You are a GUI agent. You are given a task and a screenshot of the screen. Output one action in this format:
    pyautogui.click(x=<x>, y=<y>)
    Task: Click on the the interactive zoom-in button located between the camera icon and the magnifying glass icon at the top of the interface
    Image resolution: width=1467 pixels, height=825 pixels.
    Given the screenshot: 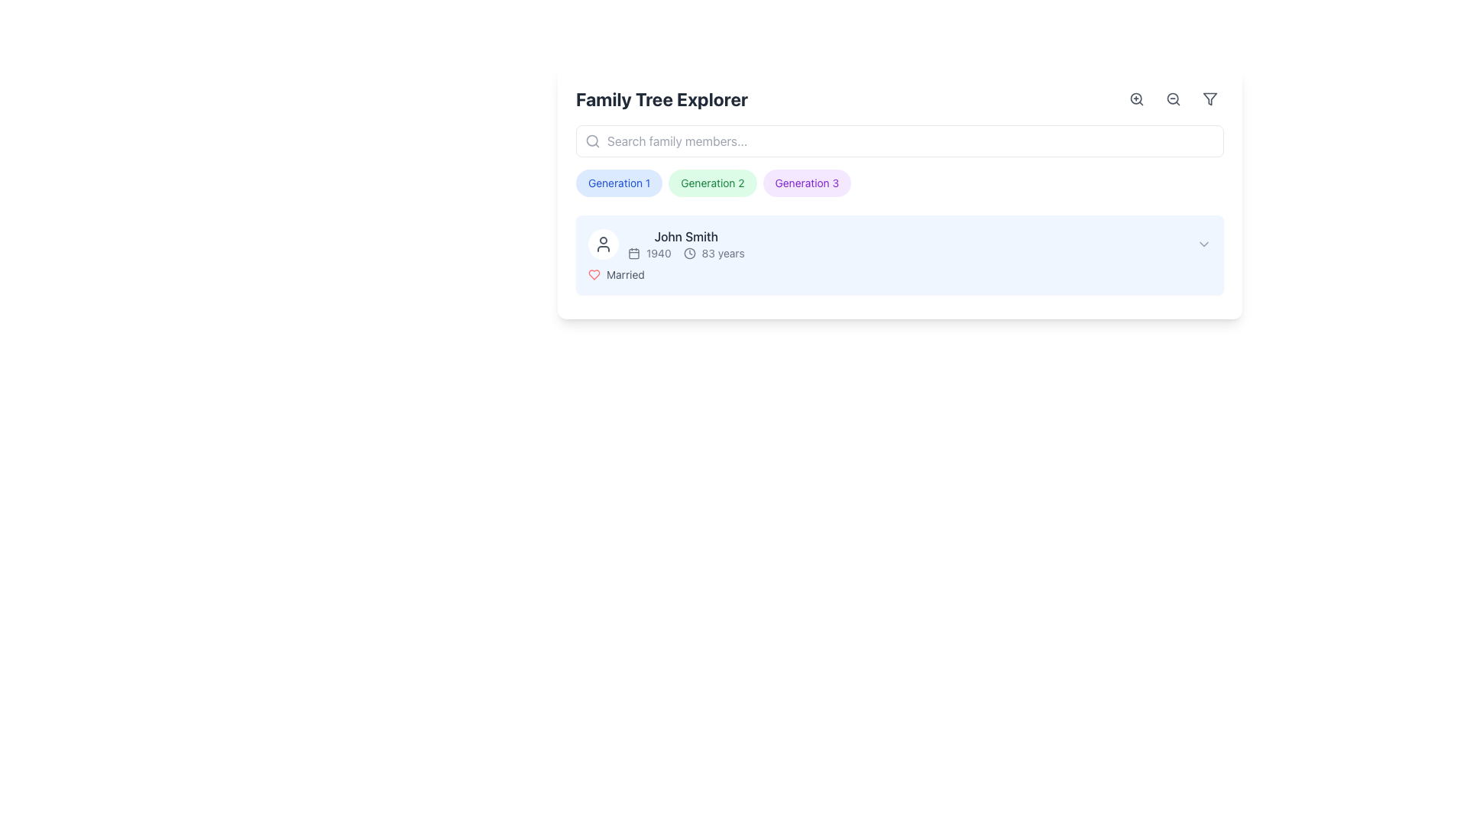 What is the action you would take?
    pyautogui.click(x=1137, y=99)
    